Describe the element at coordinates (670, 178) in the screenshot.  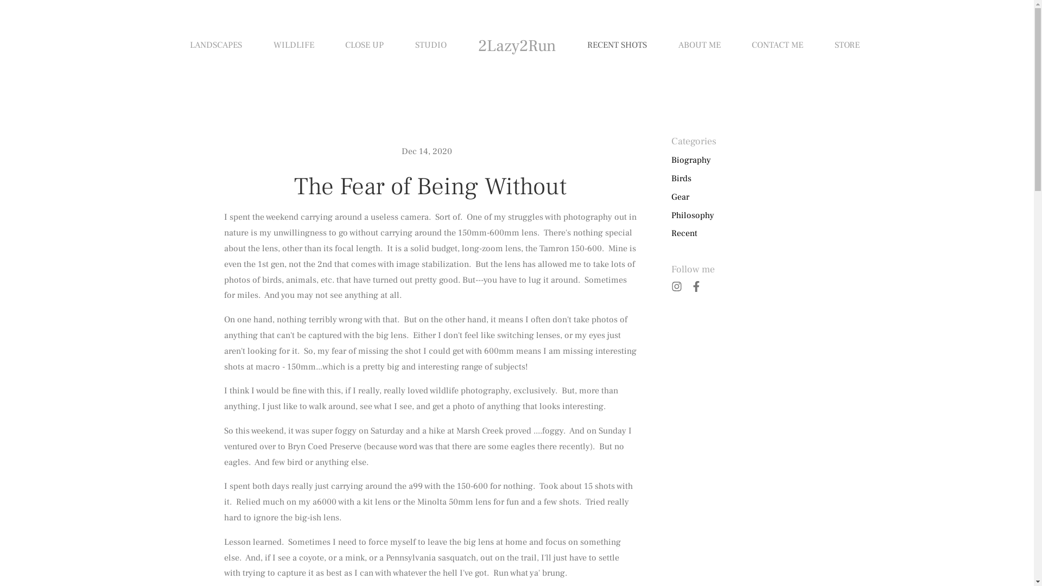
I see `'Birds'` at that location.